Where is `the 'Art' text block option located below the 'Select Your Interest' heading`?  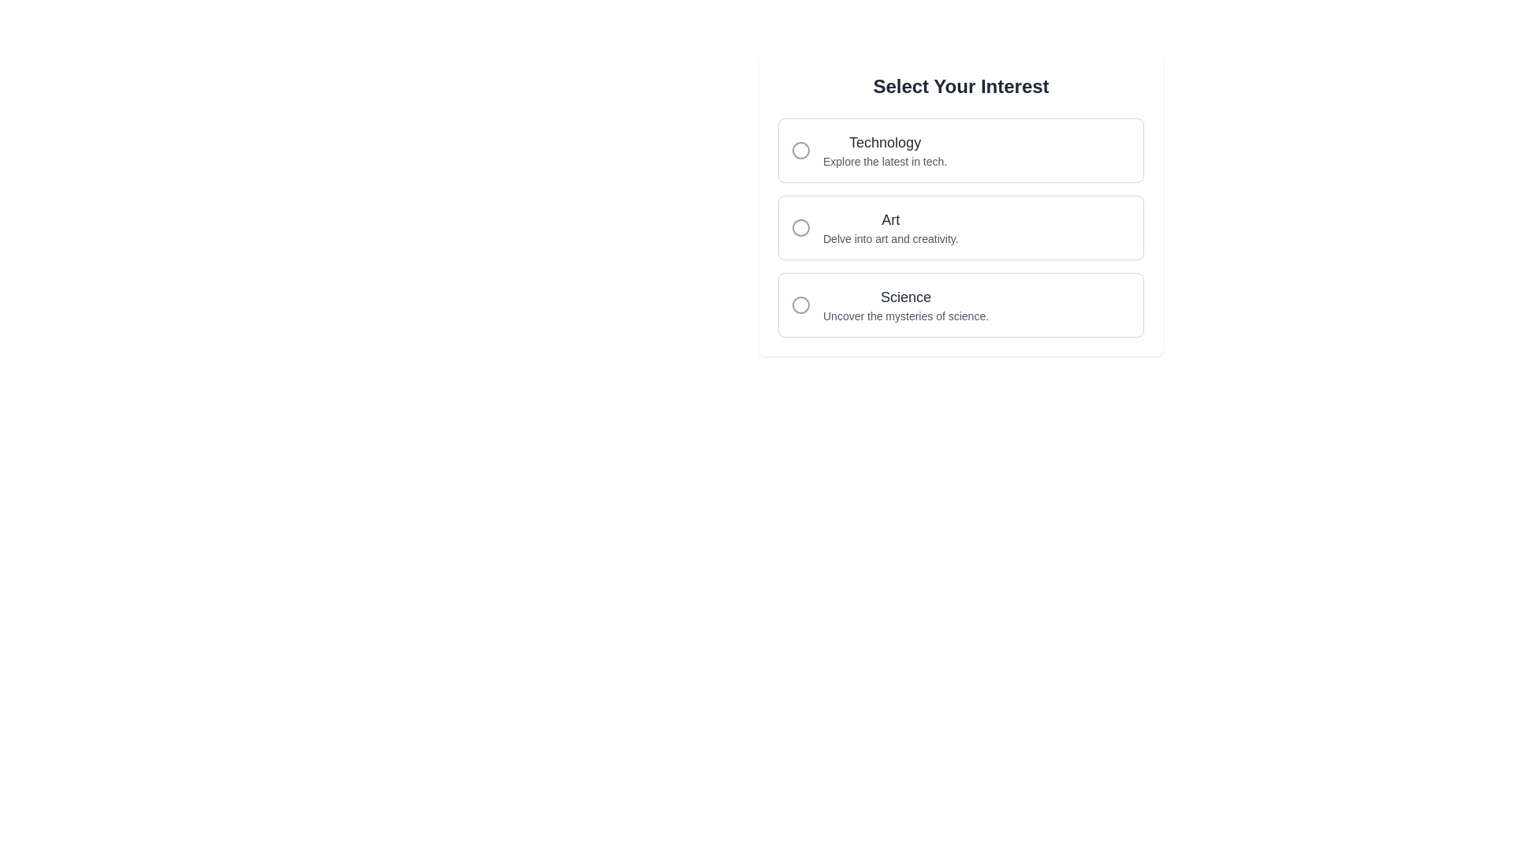
the 'Art' text block option located below the 'Select Your Interest' heading is located at coordinates (890, 228).